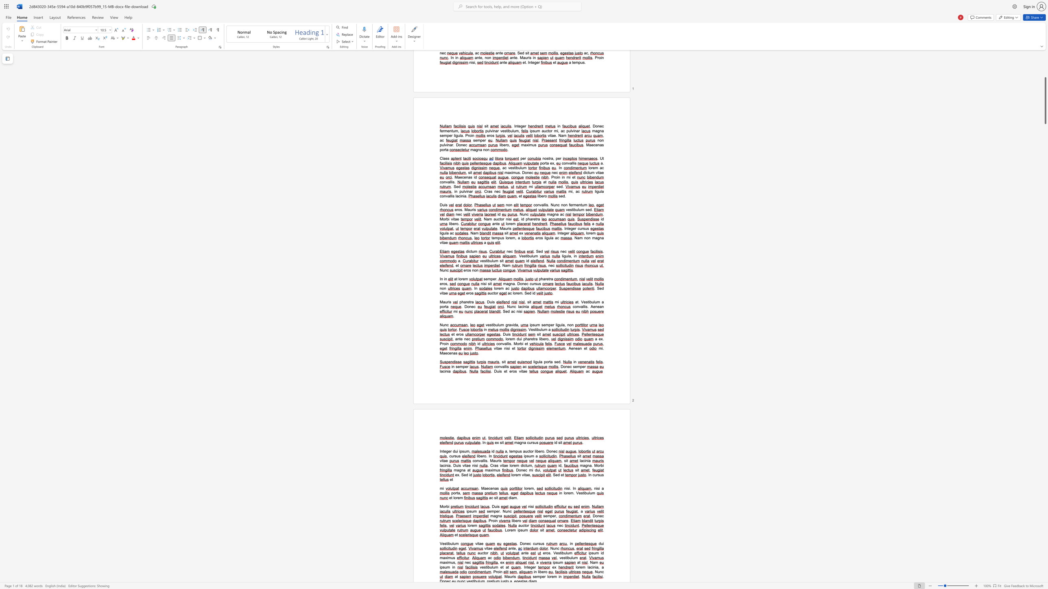 This screenshot has width=1048, height=589. What do you see at coordinates (600, 465) in the screenshot?
I see `the 1th character "r" in the text` at bounding box center [600, 465].